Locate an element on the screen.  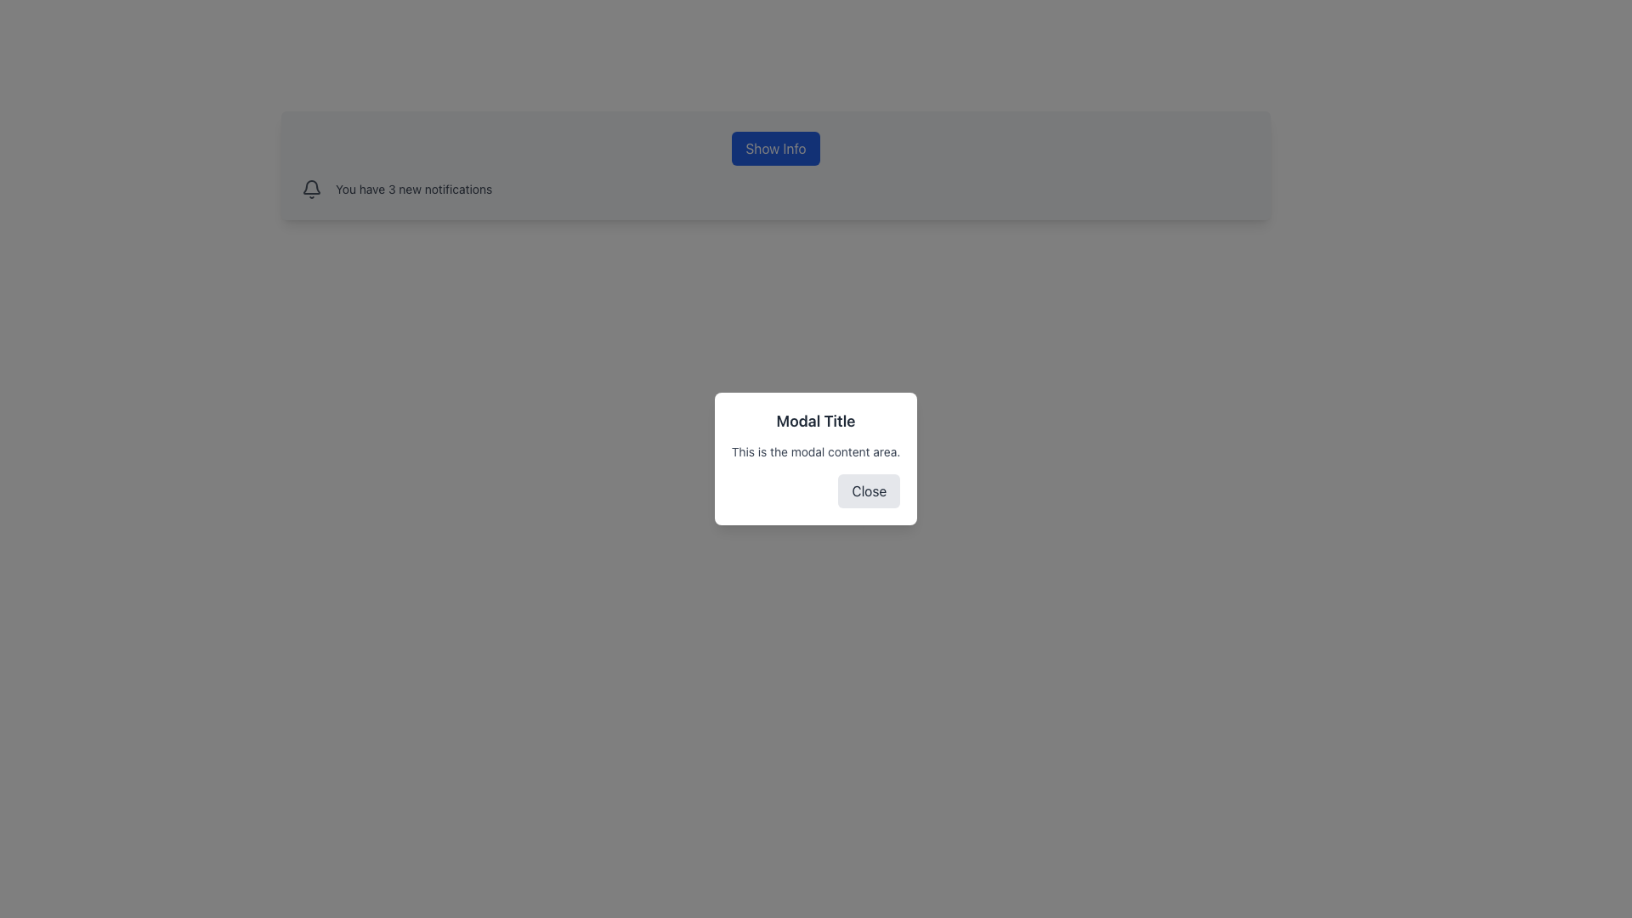
the gray bell icon located to the left of the notification message 'You have 3 new notifications' is located at coordinates (311, 190).